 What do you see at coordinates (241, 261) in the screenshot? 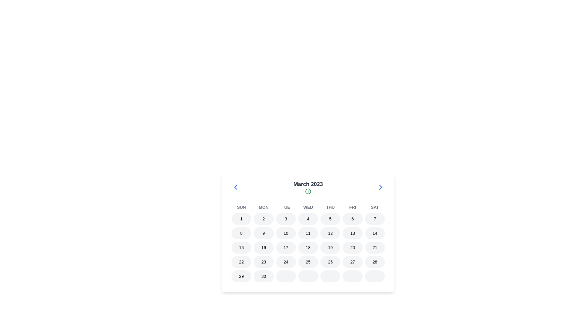
I see `the circular button displaying the number '22' with a light gray background, located at the far left end of the displayed week in the calendar grid` at bounding box center [241, 261].